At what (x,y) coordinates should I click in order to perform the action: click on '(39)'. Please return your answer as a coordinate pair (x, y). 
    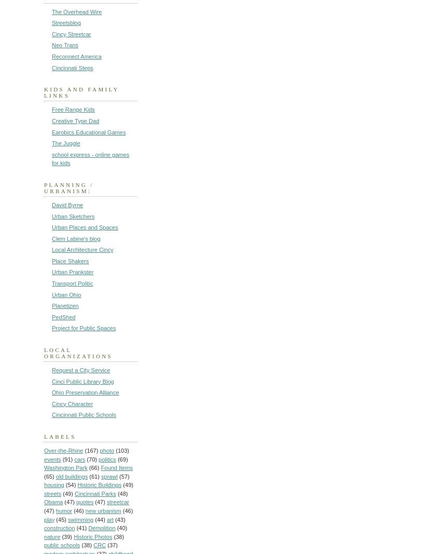
    Looking at the image, I should click on (61, 536).